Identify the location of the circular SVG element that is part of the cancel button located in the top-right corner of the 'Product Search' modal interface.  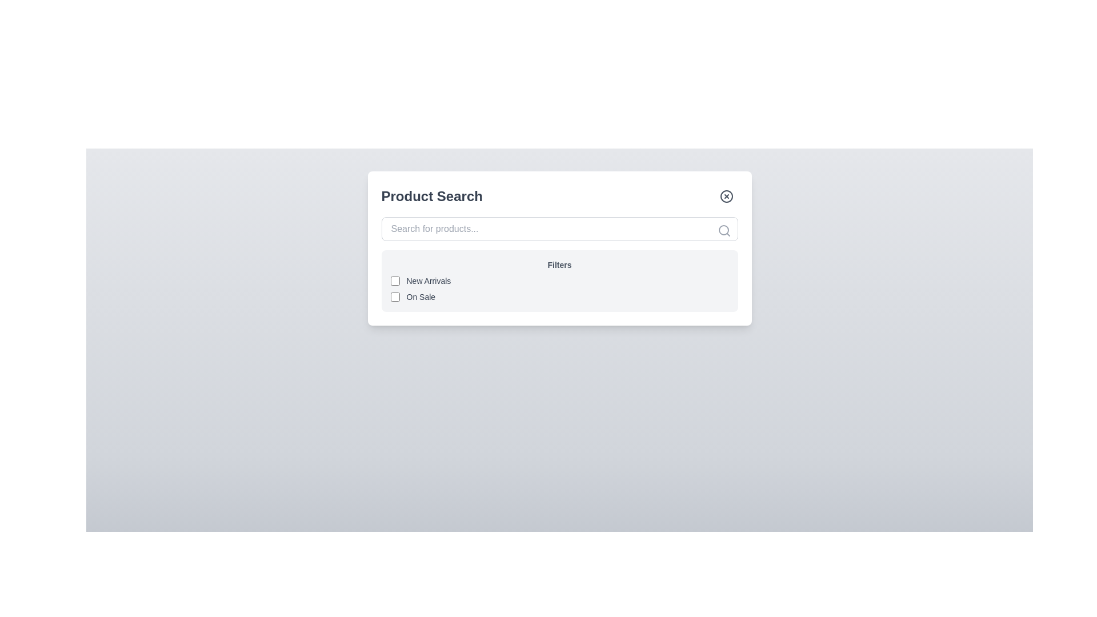
(726, 195).